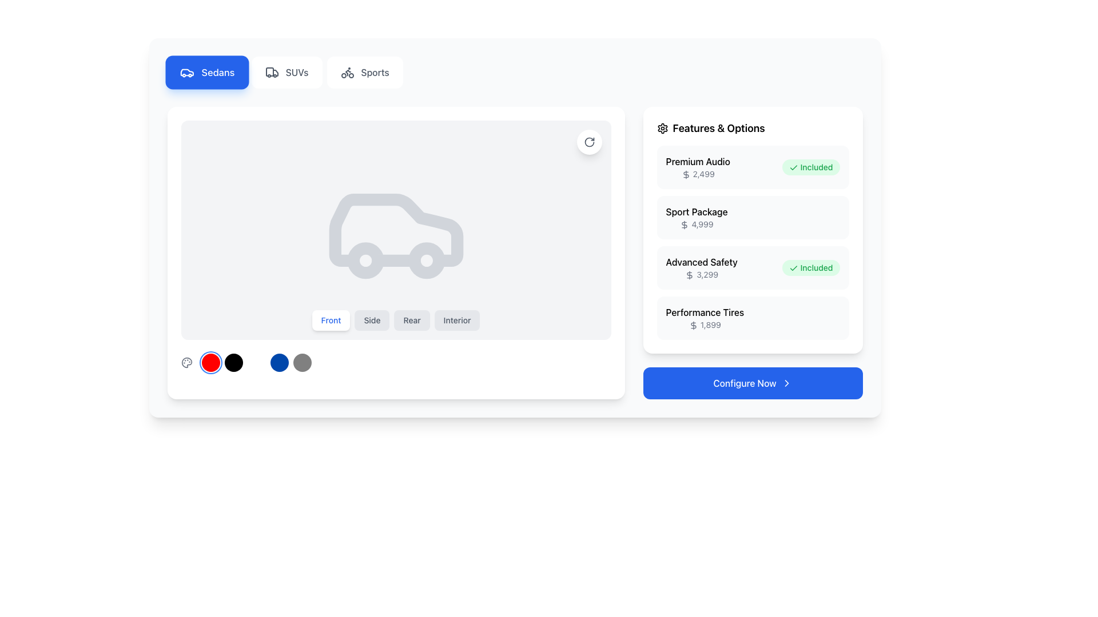  I want to click on the fifth circular button located at the bottom-left section of the layout, which is used for changing or selecting an attribute, so click(302, 363).